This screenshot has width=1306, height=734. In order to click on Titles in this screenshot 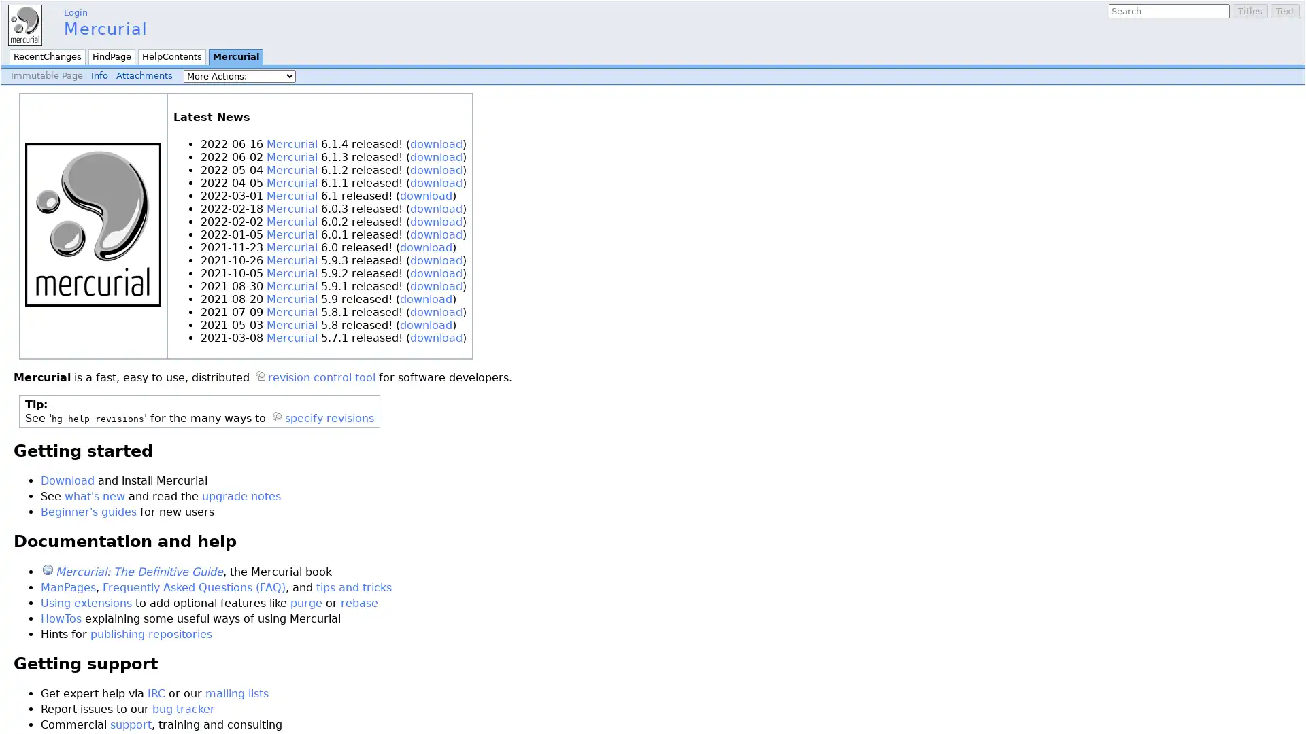, I will do `click(1250, 11)`.